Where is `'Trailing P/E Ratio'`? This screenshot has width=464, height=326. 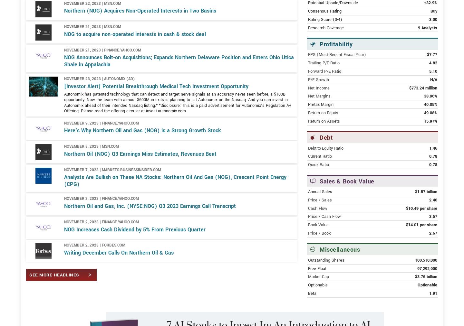
'Trailing P/E Ratio' is located at coordinates (323, 86).